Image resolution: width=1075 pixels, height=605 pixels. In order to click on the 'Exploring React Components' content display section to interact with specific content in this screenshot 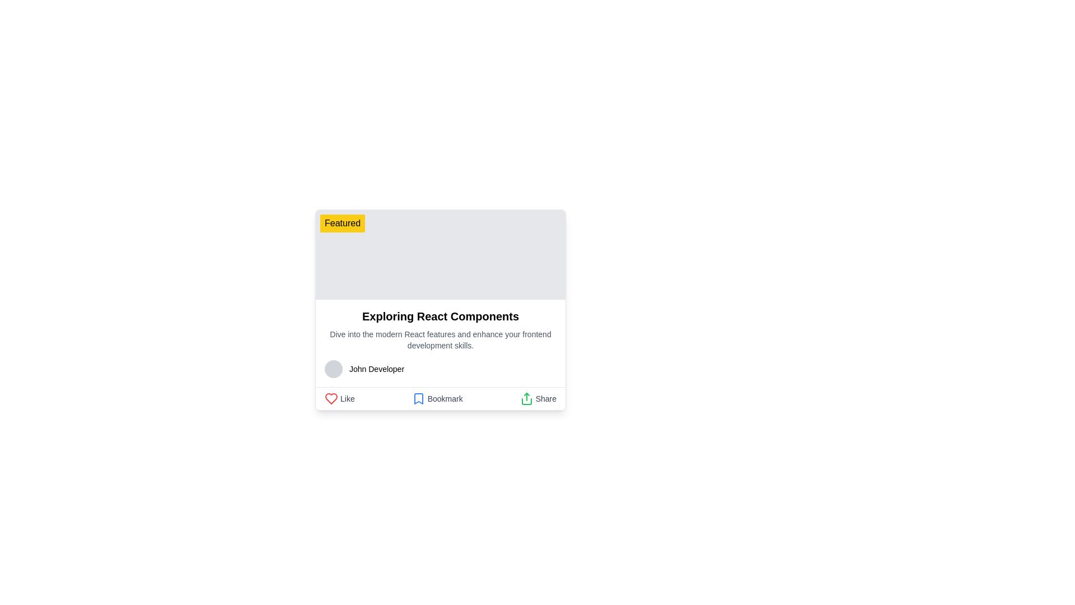, I will do `click(440, 343)`.